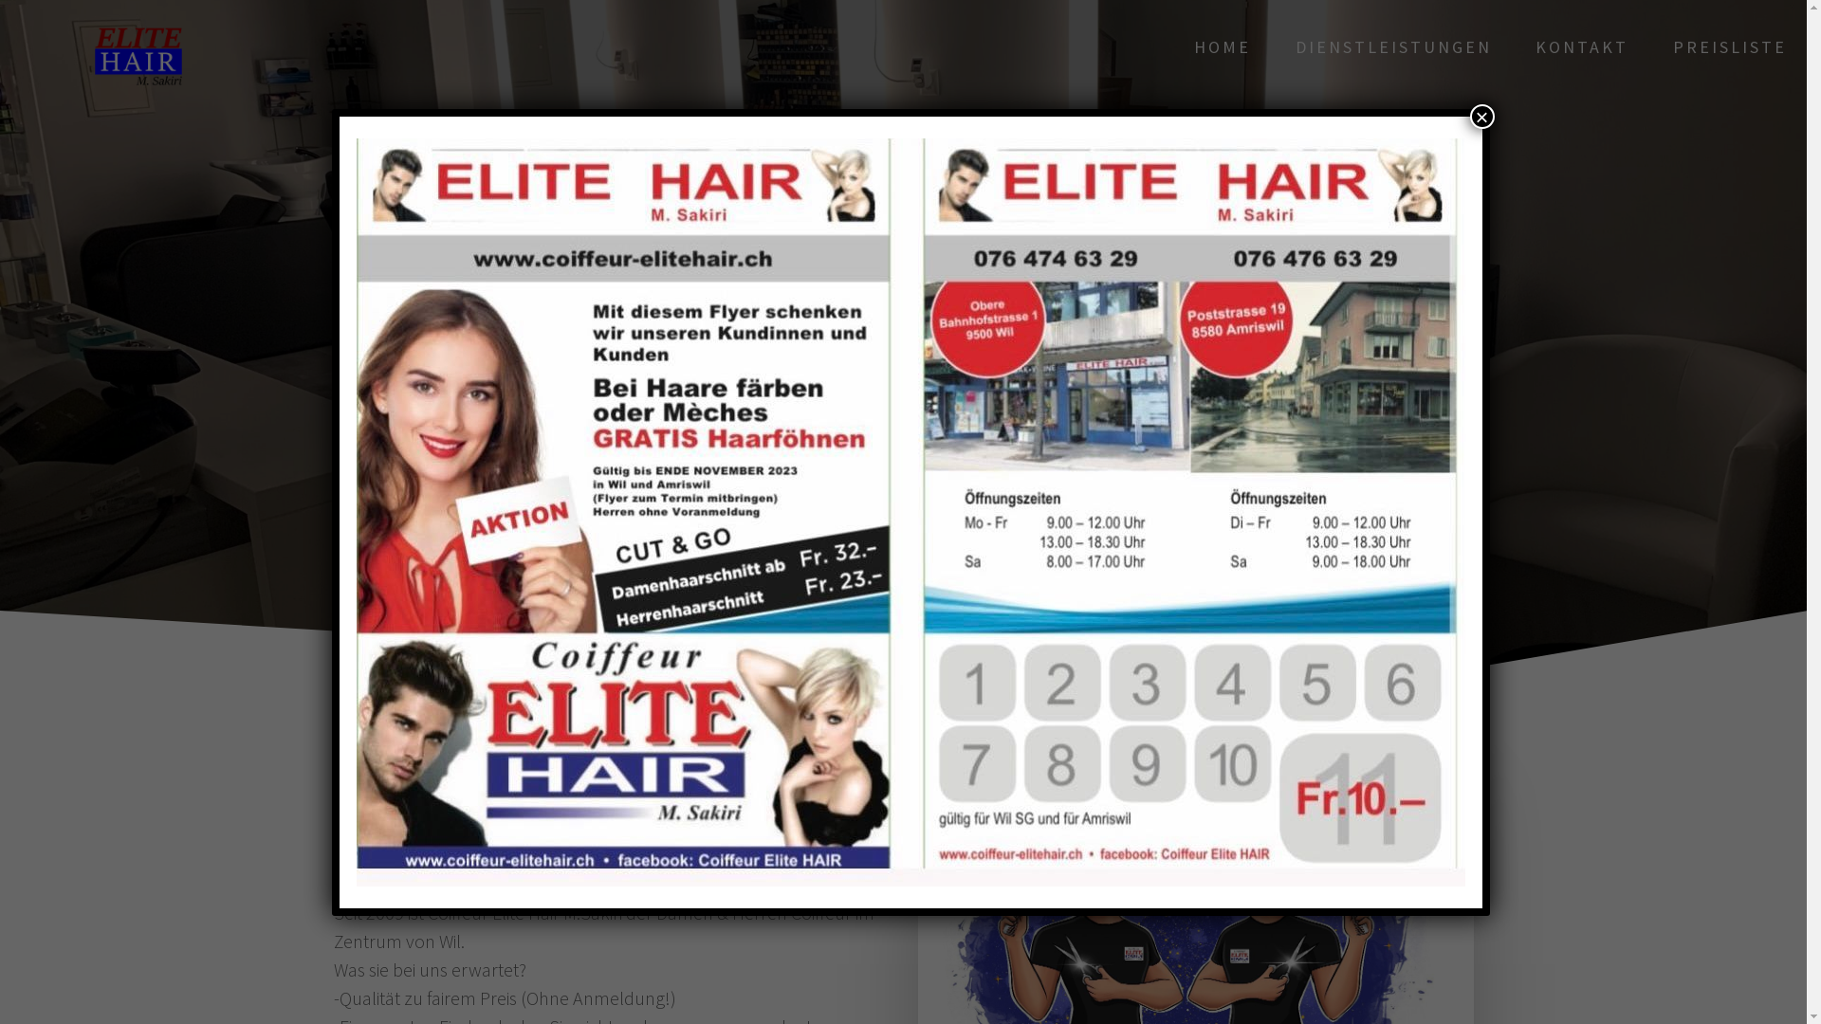 This screenshot has height=1024, width=1821. Describe the element at coordinates (1393, 46) in the screenshot. I see `'DIENSTLEISTUNGEN'` at that location.